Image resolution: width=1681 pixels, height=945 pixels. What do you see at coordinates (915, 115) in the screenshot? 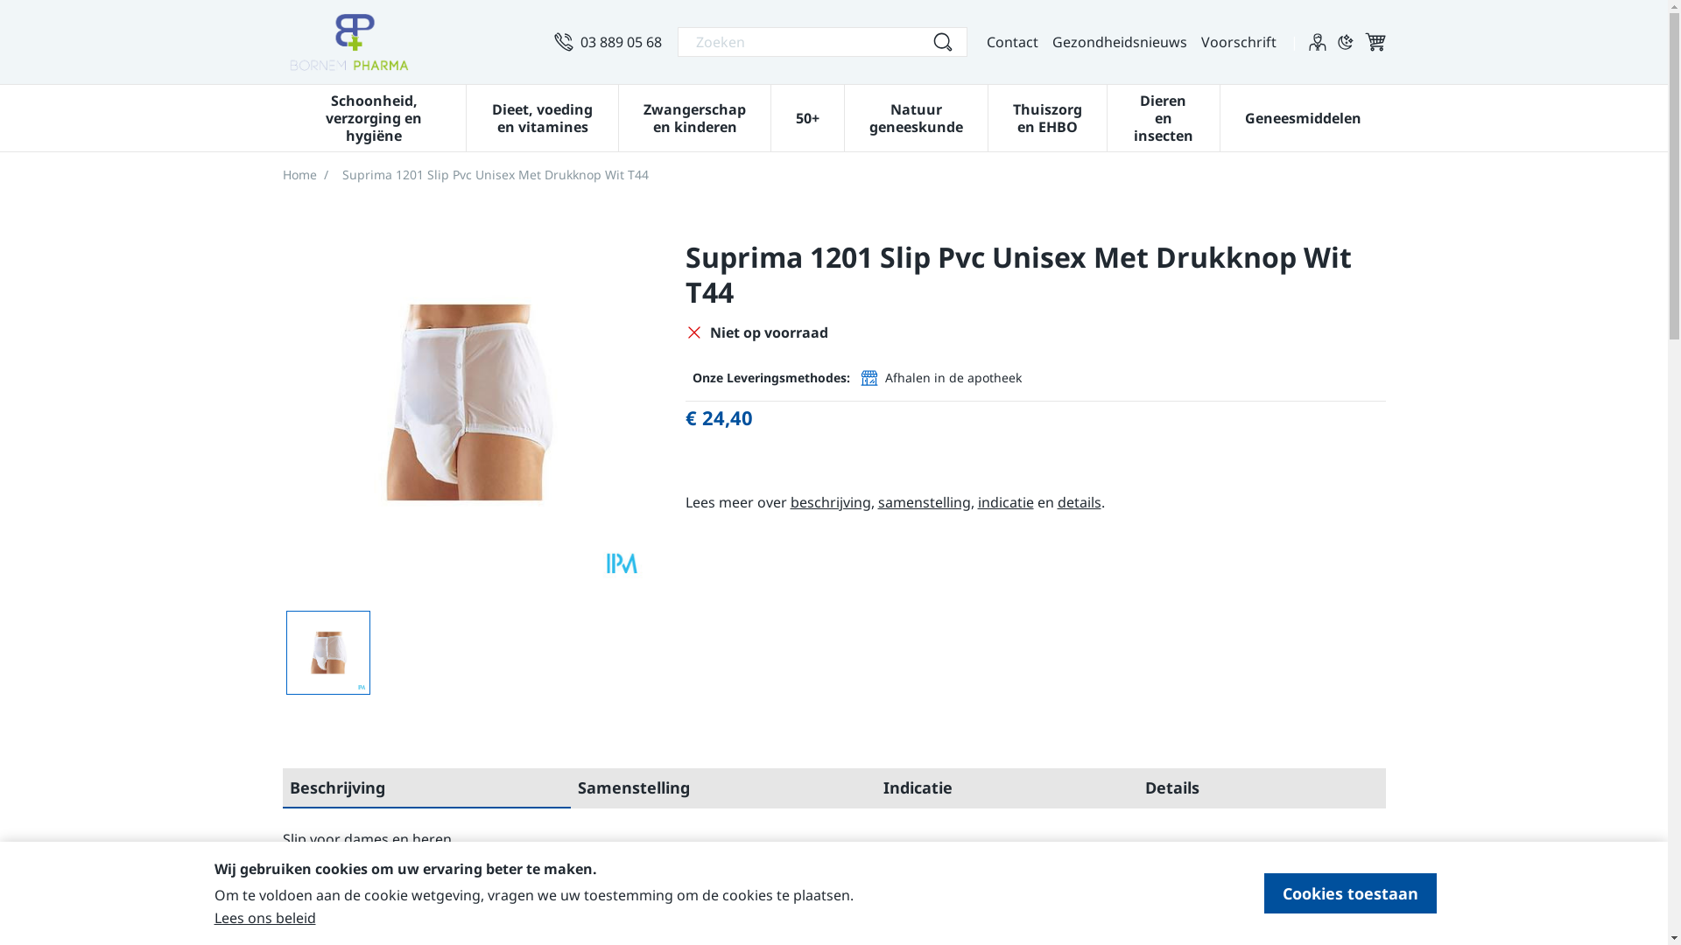
I see `'Natuur geneeskunde'` at bounding box center [915, 115].